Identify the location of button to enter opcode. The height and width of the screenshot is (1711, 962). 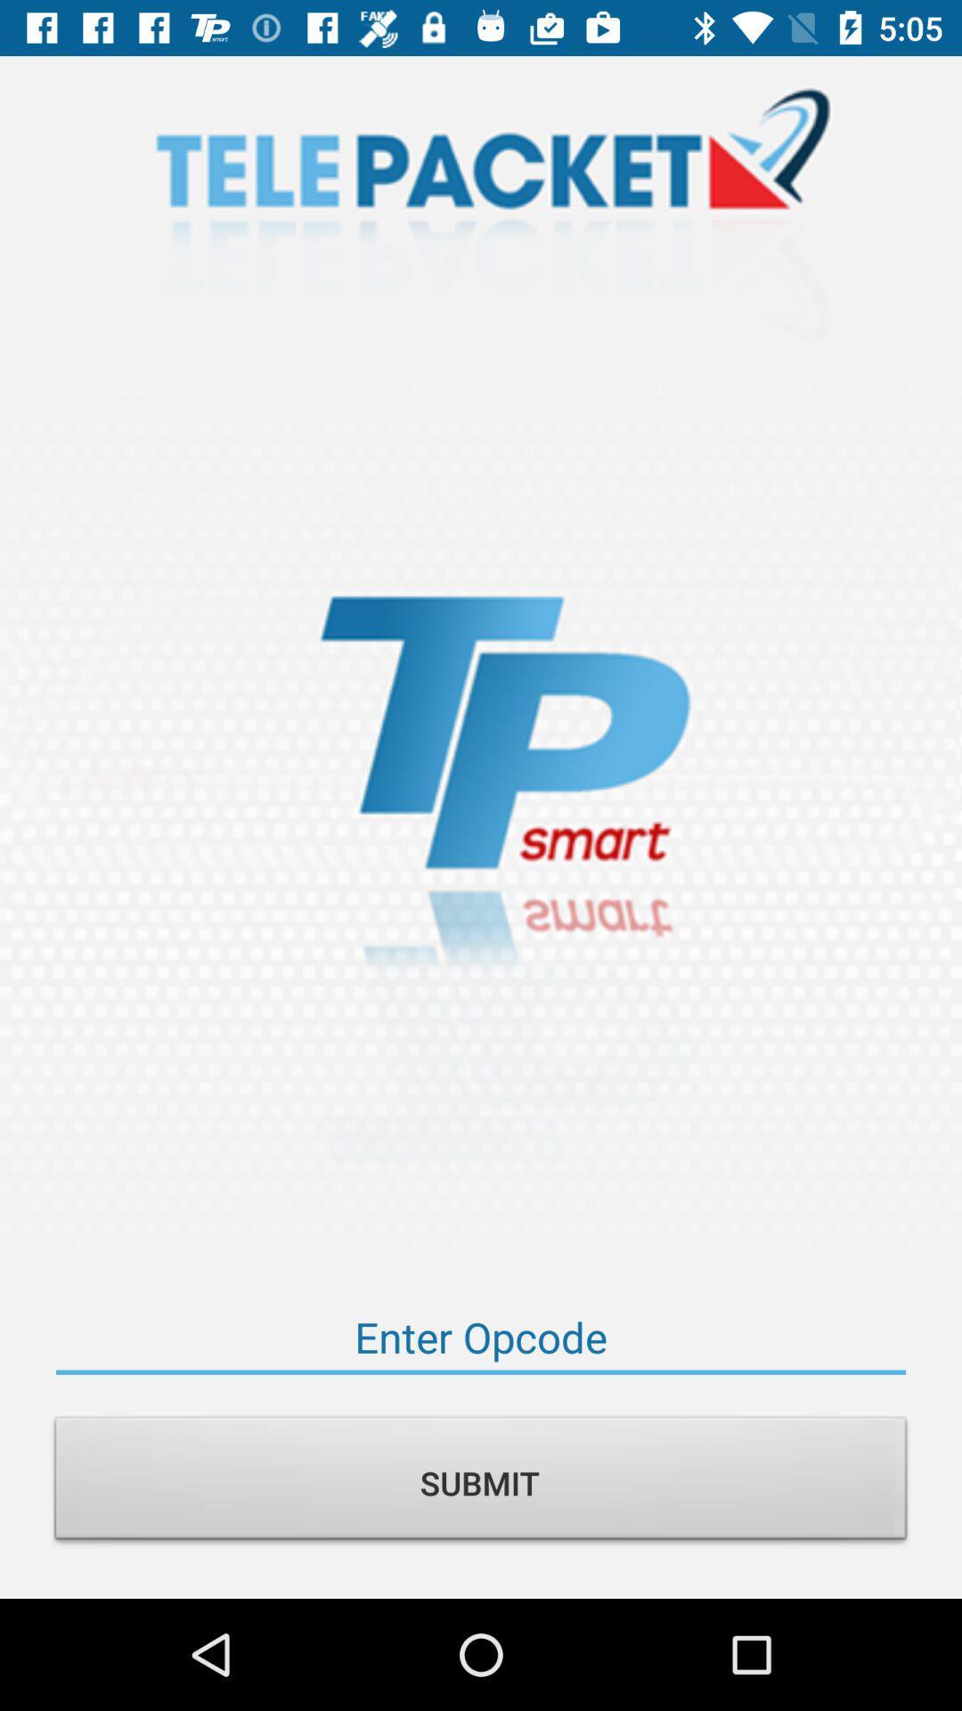
(481, 1338).